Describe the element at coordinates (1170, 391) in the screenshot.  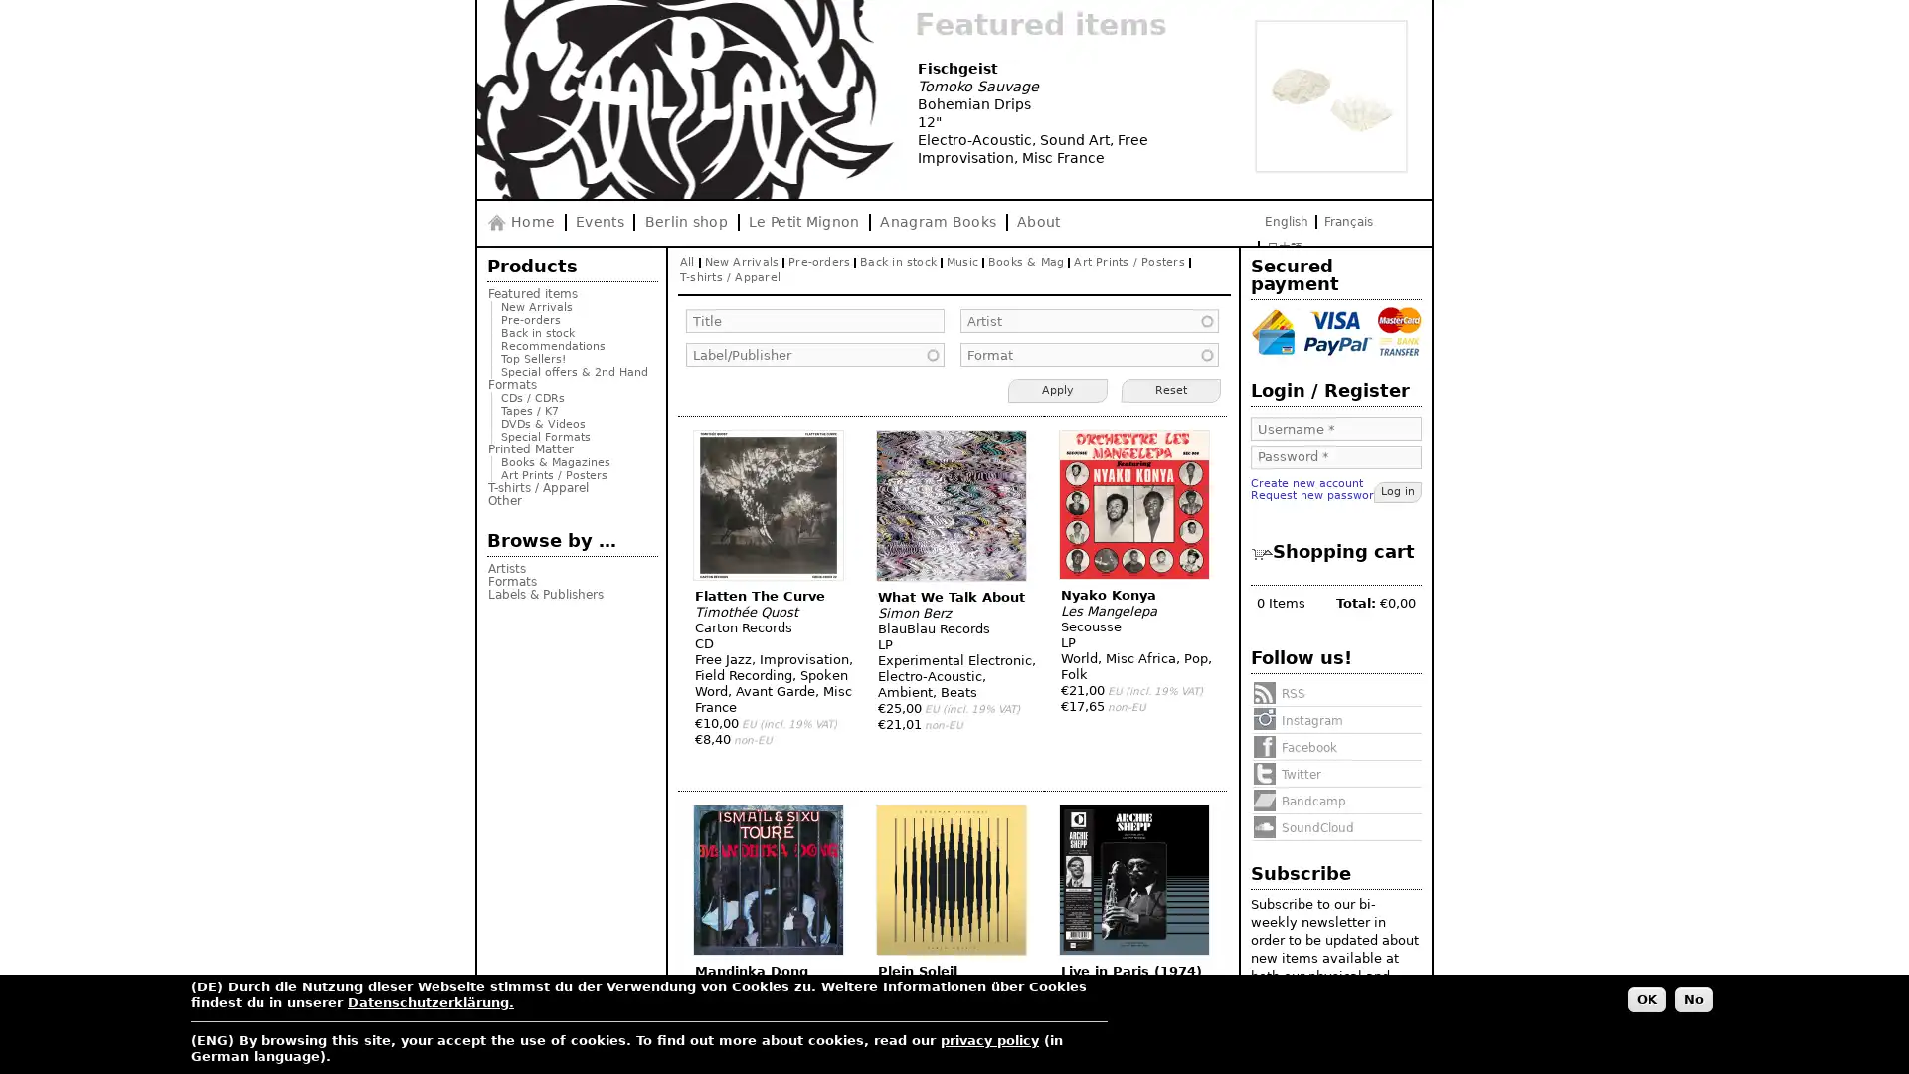
I see `Reset` at that location.